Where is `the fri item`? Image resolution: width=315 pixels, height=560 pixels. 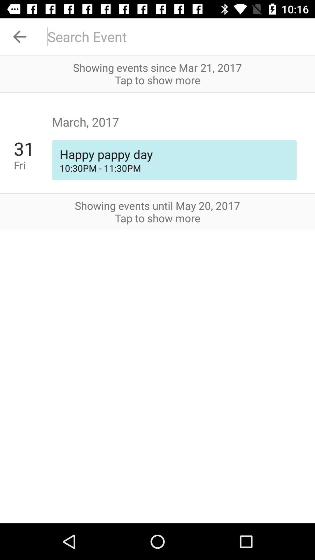 the fri item is located at coordinates (33, 165).